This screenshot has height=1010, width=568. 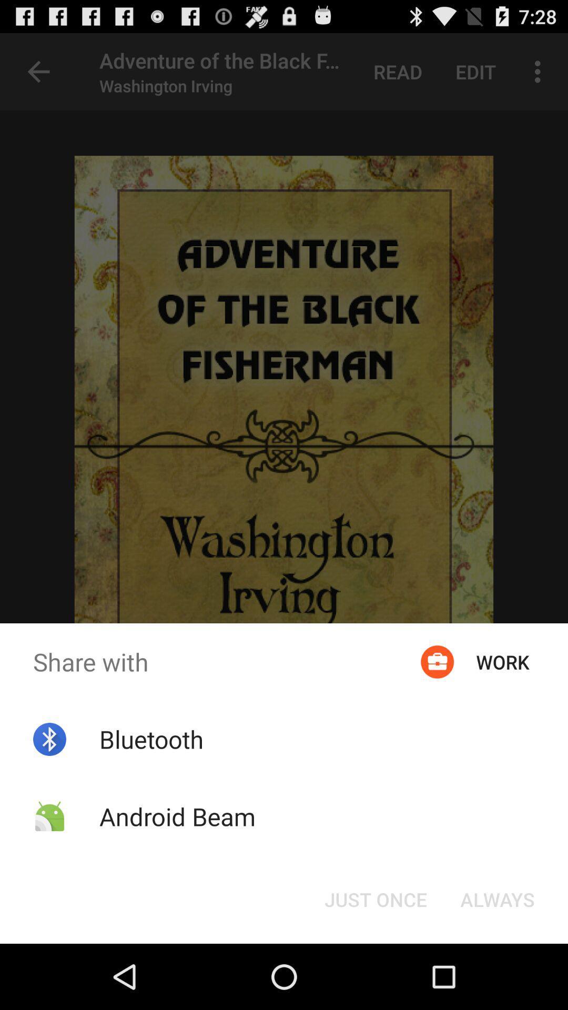 What do you see at coordinates (177, 816) in the screenshot?
I see `the android beam app` at bounding box center [177, 816].